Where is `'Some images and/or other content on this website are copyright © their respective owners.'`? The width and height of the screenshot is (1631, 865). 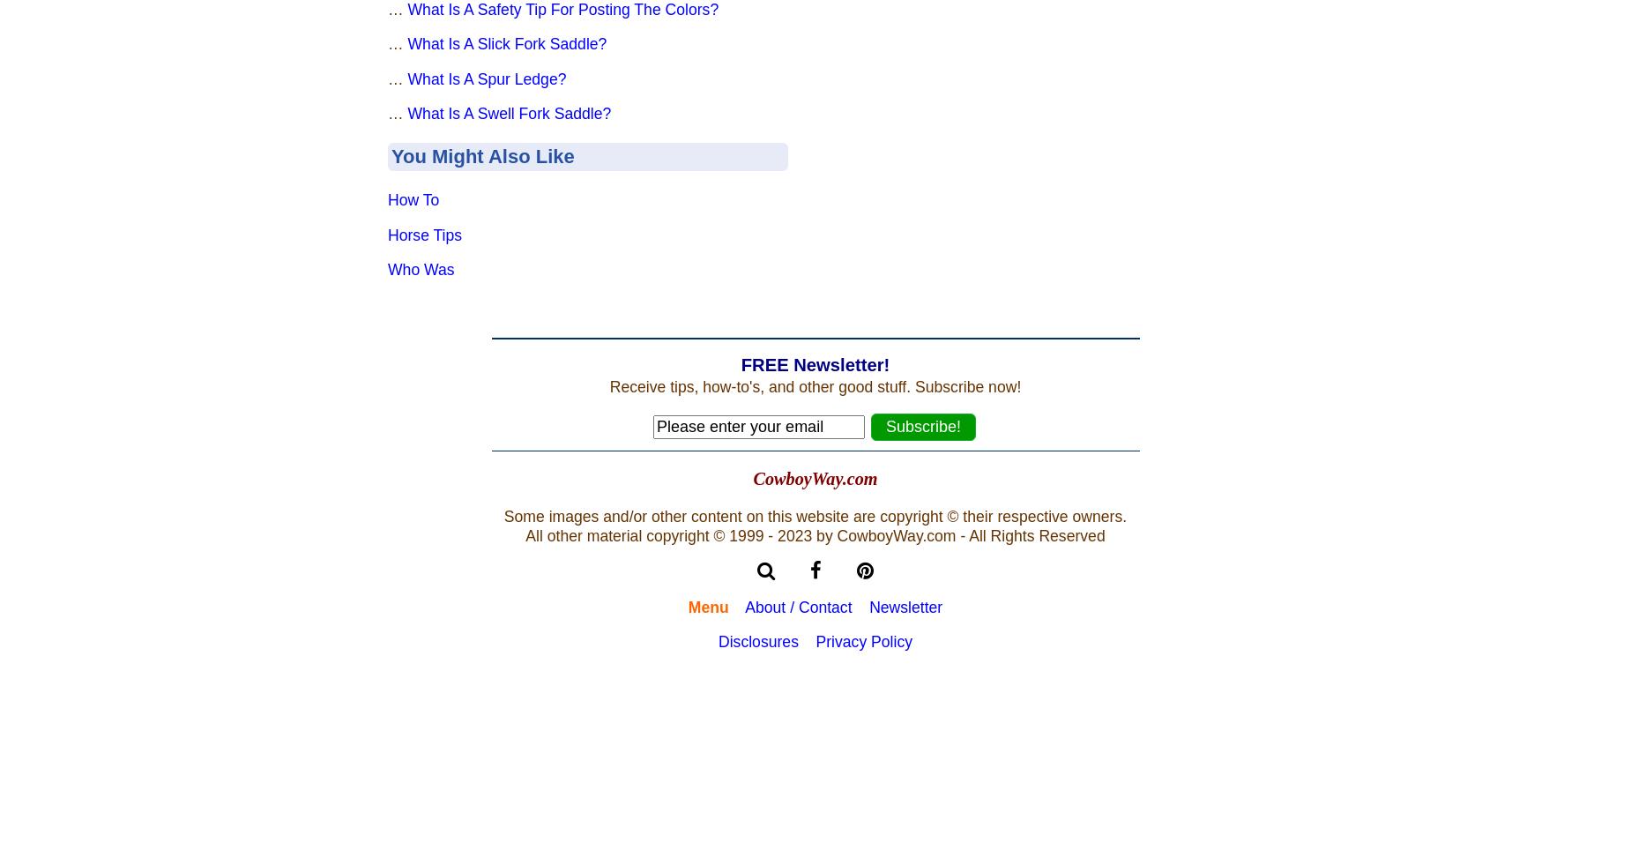 'Some images and/or other content on this website are copyright © their respective owners.' is located at coordinates (815, 515).